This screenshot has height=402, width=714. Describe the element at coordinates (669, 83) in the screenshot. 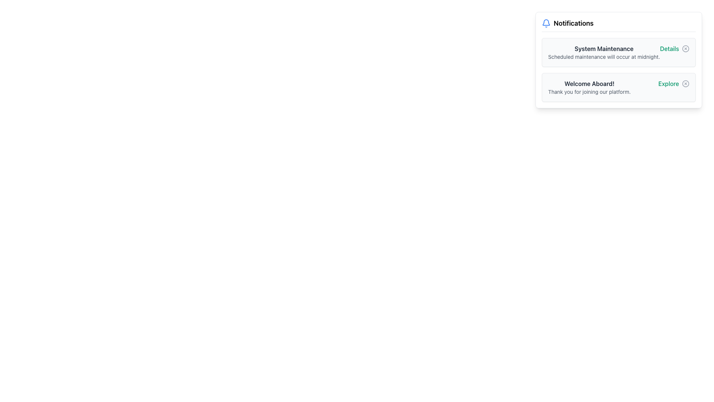

I see `the hyperlink in the second notification card` at that location.